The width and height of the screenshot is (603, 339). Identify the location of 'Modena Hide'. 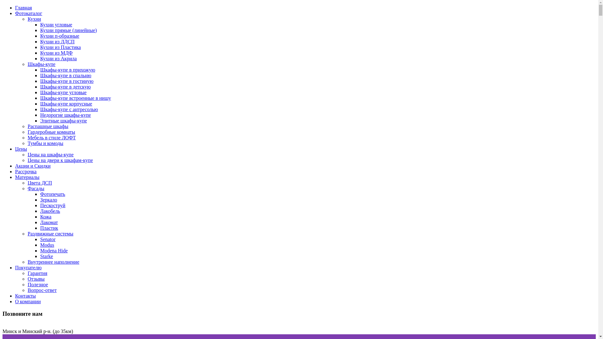
(54, 250).